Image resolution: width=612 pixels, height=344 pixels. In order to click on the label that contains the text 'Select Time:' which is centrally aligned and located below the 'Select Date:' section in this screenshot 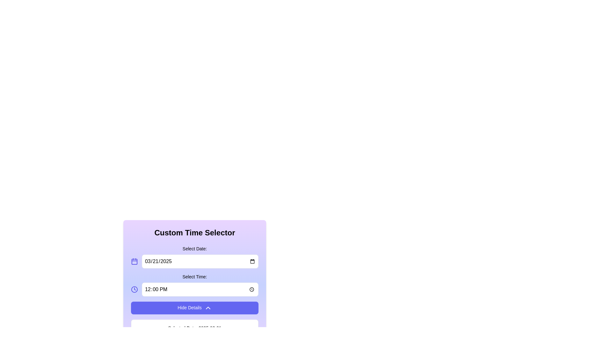, I will do `click(194, 284)`.